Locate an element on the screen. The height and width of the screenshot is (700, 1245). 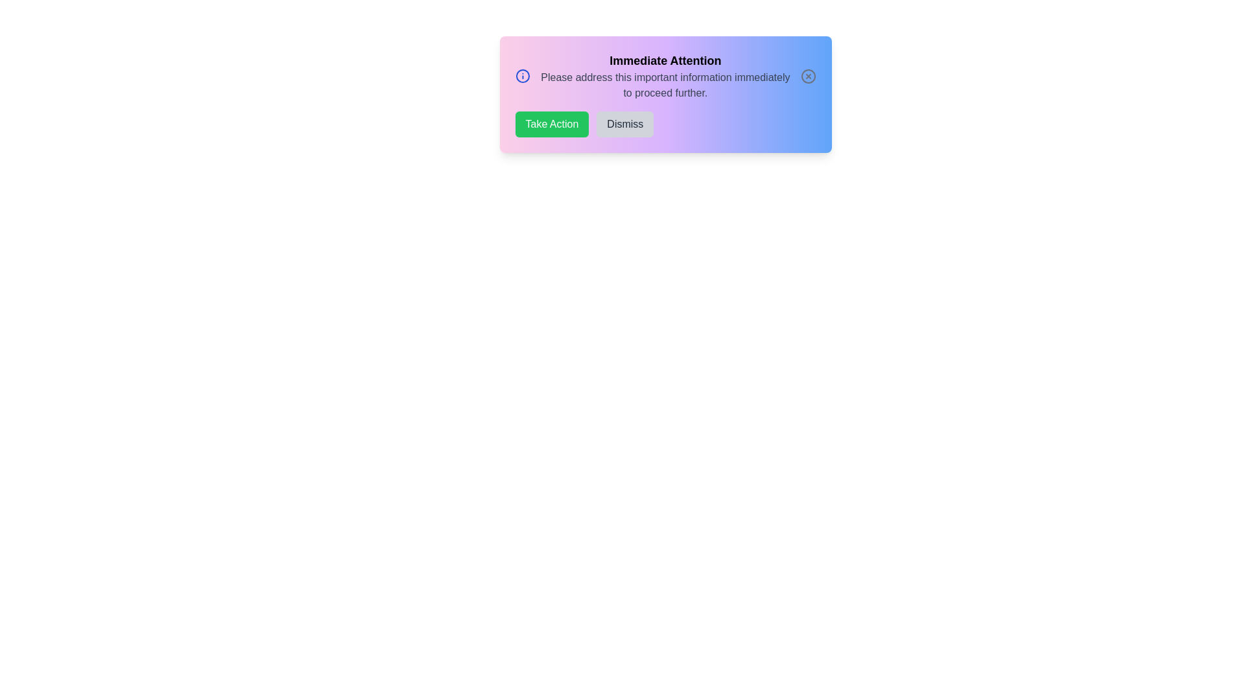
'Dismiss' button to skip the action is located at coordinates (625, 124).